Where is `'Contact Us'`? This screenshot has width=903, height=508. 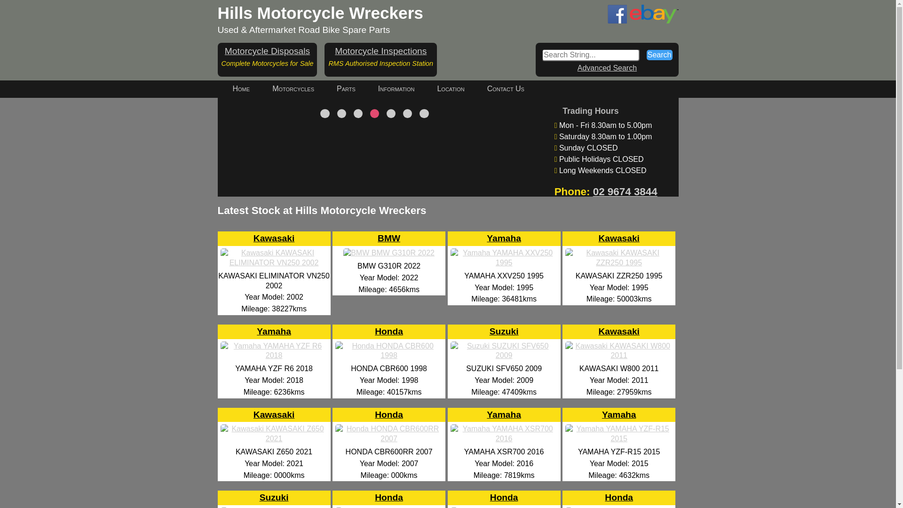
'Contact Us' is located at coordinates (476, 89).